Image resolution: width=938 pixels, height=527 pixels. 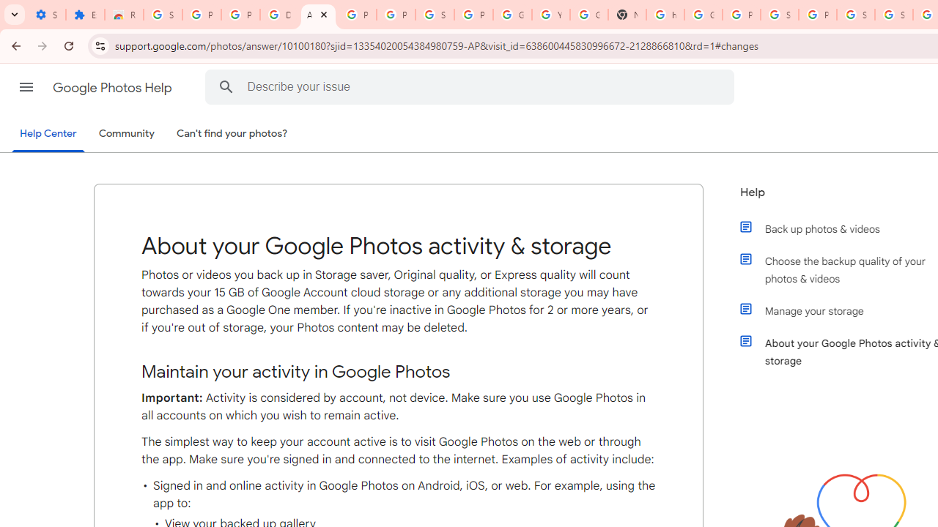 What do you see at coordinates (779, 15) in the screenshot?
I see `'Sign in - Google Accounts'` at bounding box center [779, 15].